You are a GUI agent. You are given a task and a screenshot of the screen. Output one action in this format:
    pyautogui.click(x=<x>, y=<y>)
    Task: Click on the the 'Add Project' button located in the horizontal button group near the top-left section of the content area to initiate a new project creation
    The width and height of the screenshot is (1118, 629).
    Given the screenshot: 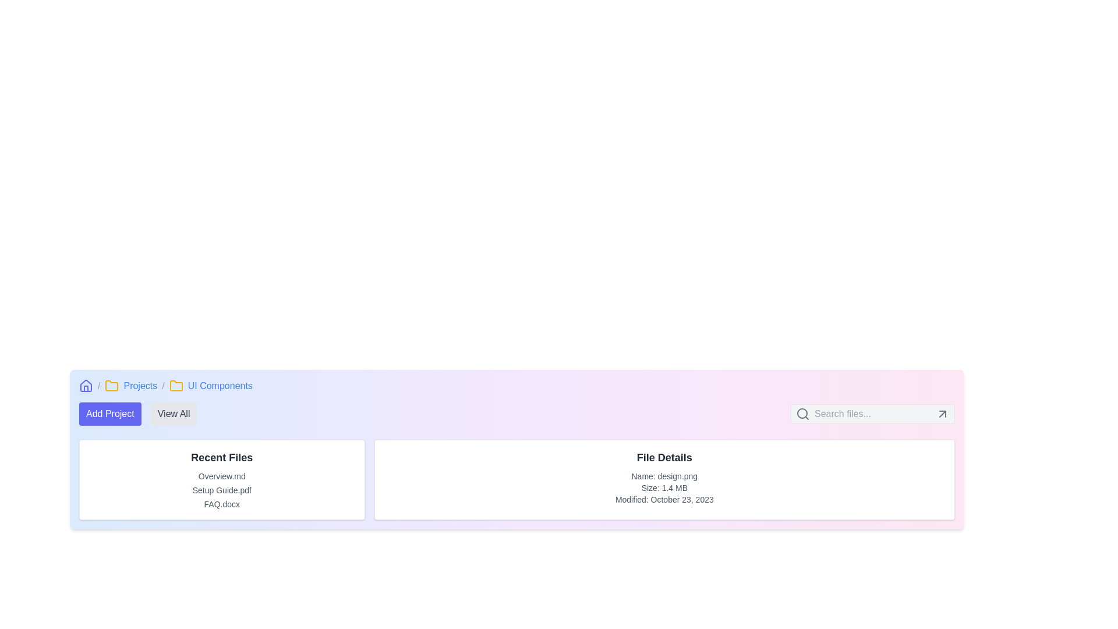 What is the action you would take?
    pyautogui.click(x=137, y=413)
    